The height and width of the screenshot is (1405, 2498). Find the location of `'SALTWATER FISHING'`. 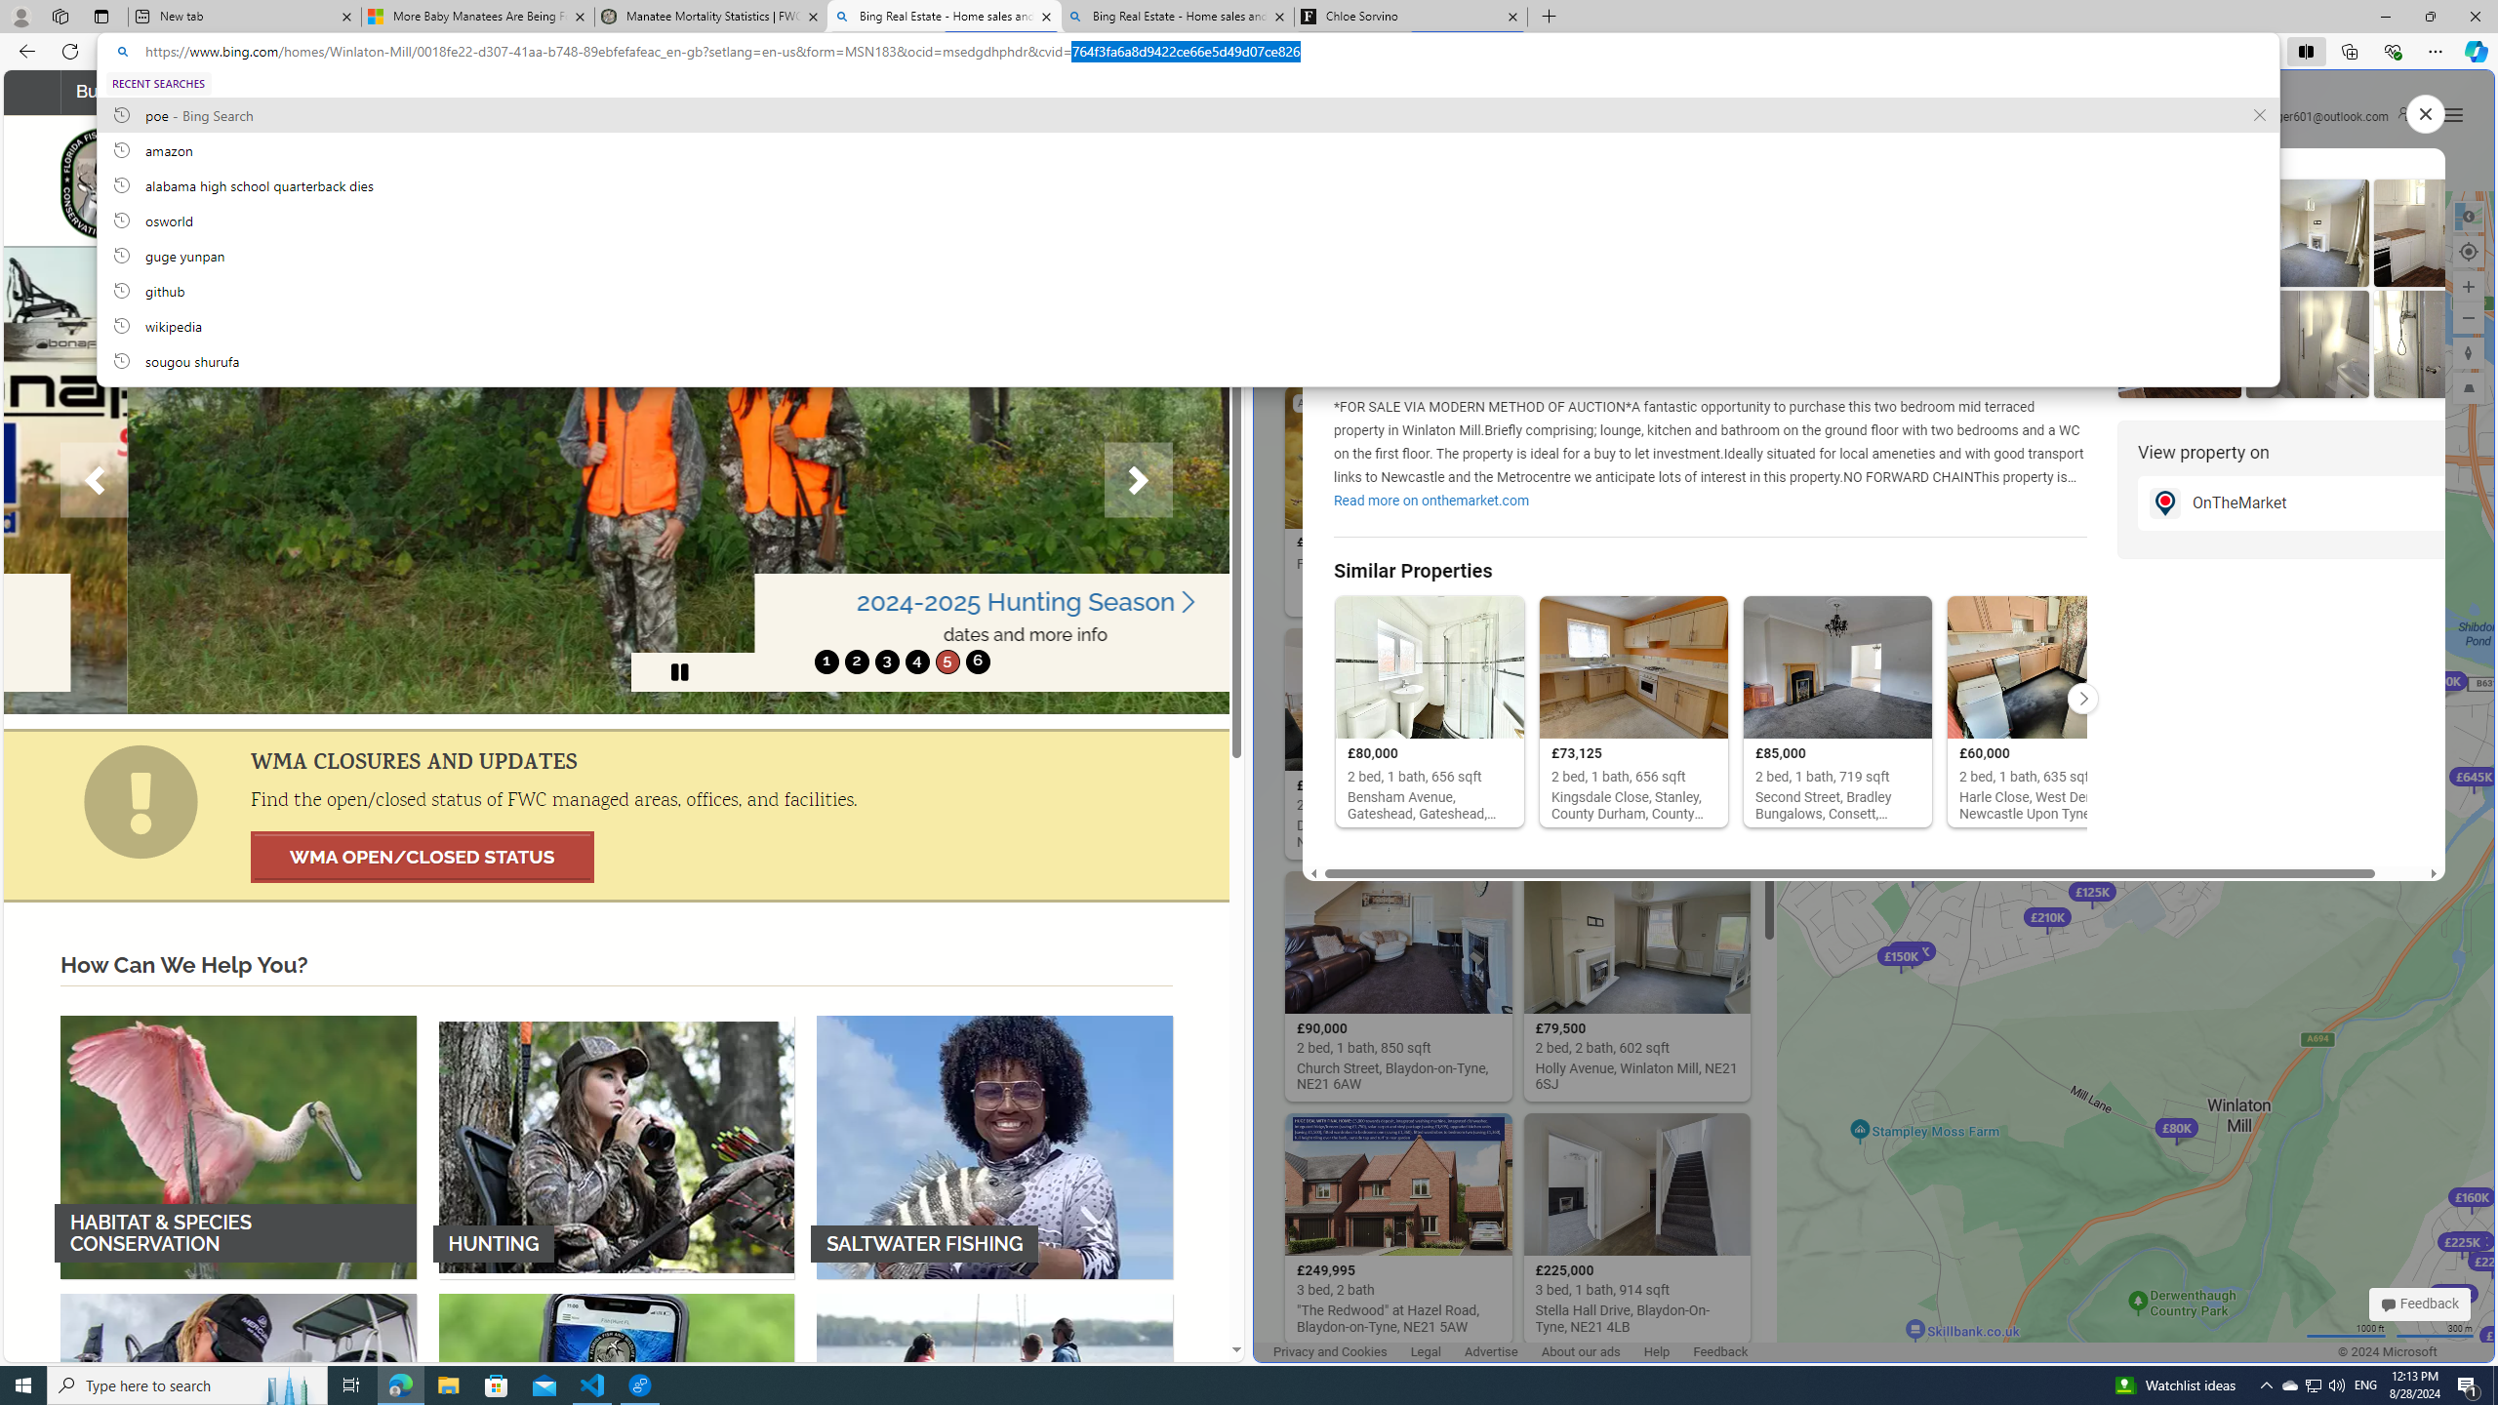

'SALTWATER FISHING' is located at coordinates (994, 1146).